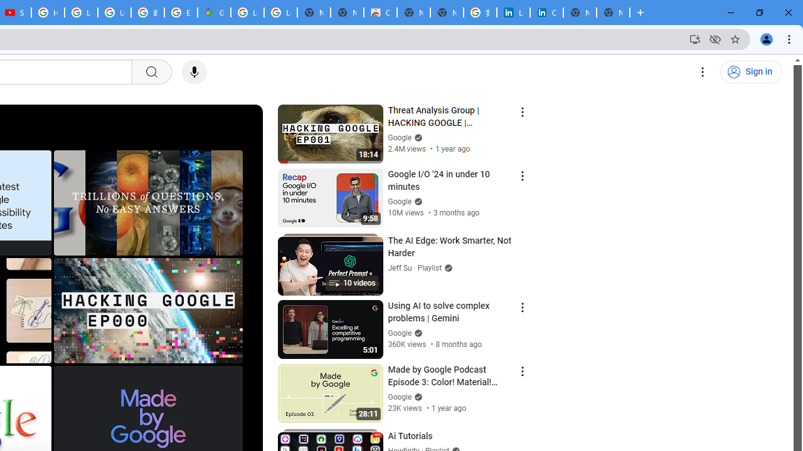 The width and height of the screenshot is (803, 451). I want to click on 'Settings', so click(703, 72).